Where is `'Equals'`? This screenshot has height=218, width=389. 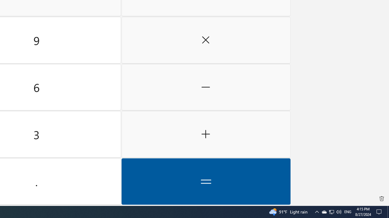
'Equals' is located at coordinates (206, 181).